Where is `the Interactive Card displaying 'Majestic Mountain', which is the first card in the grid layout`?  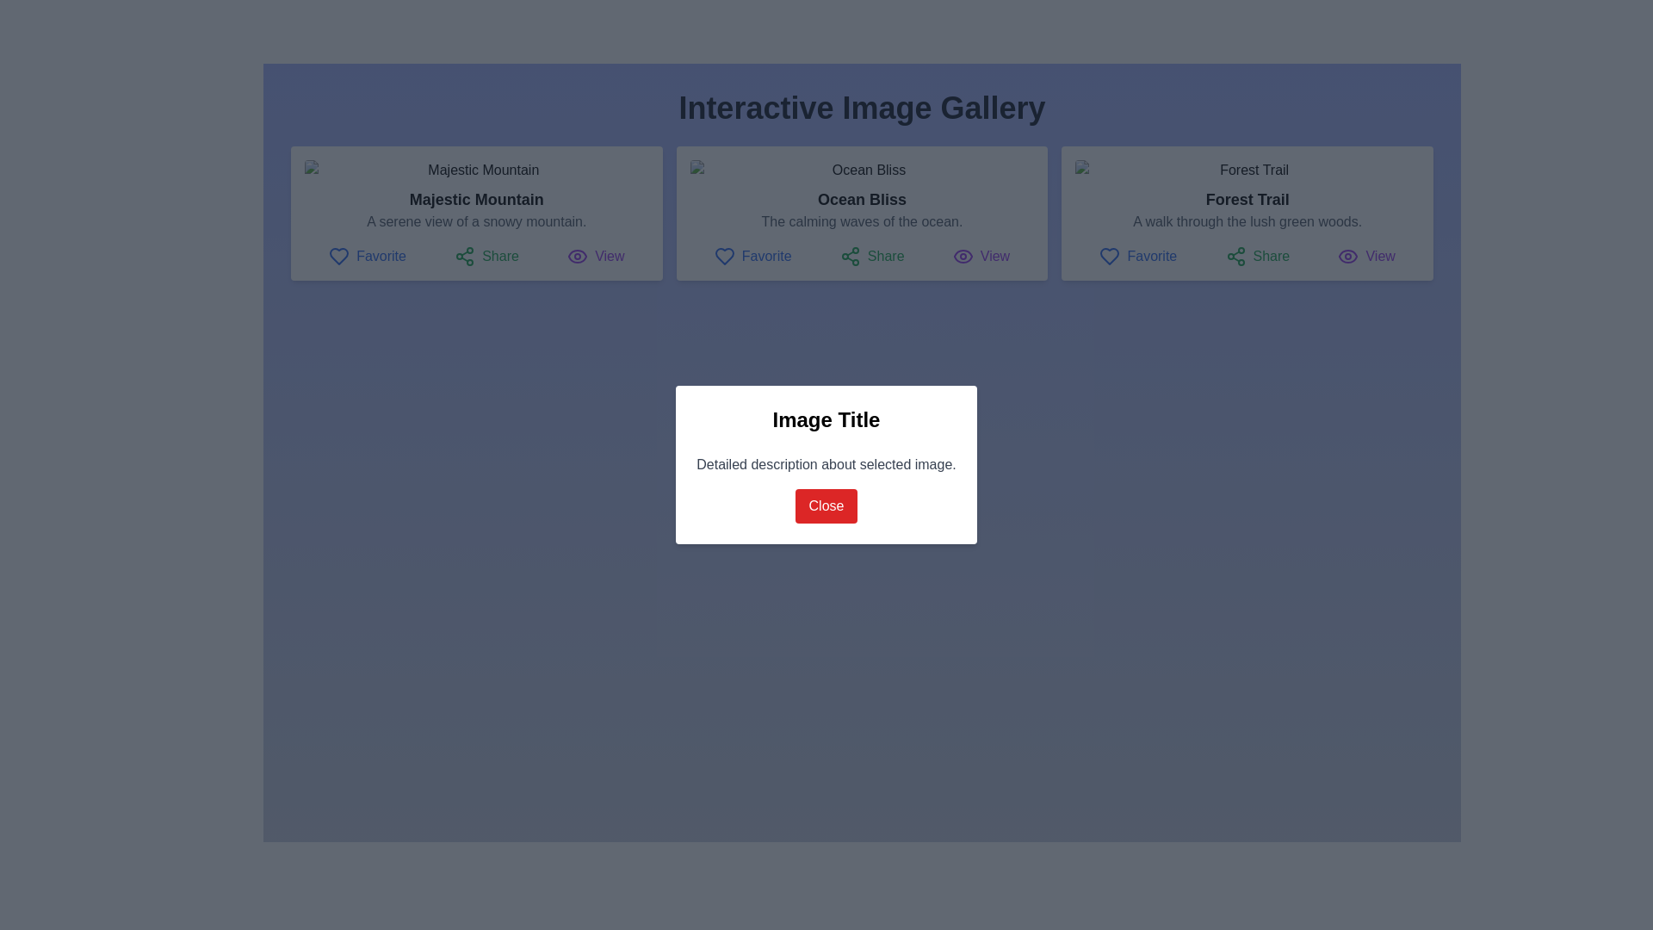
the Interactive Card displaying 'Majestic Mountain', which is the first card in the grid layout is located at coordinates (476, 212).